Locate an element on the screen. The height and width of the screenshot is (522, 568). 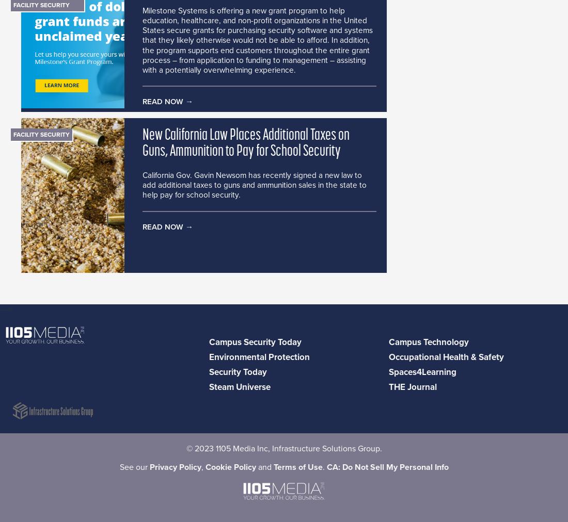
'--->' is located at coordinates (5, 309).